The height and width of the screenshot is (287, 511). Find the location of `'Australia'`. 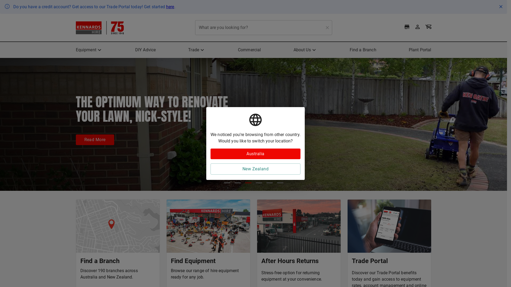

'Australia' is located at coordinates (256, 154).